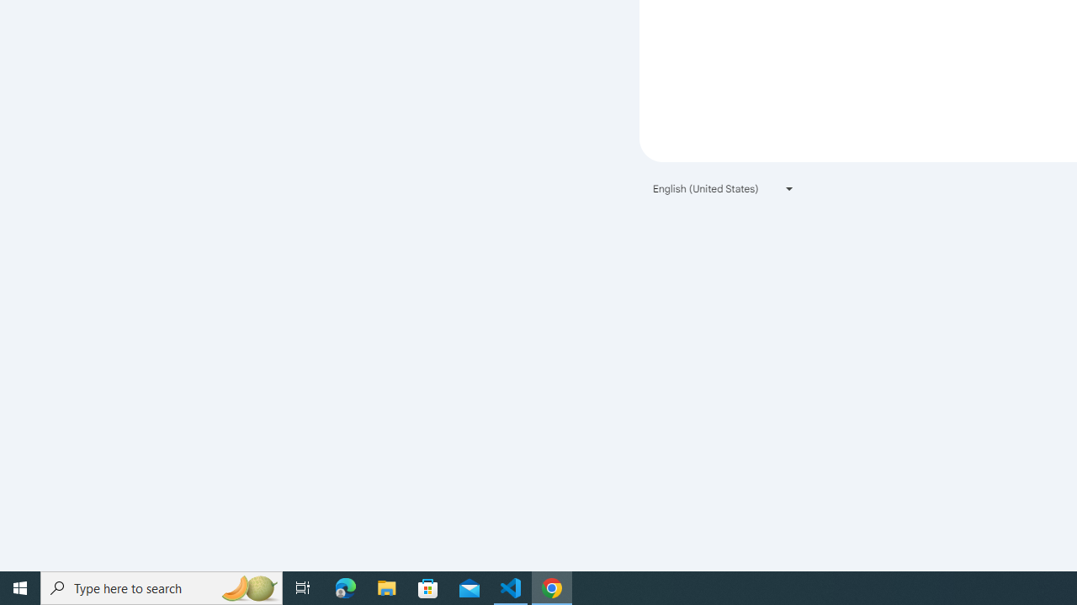 This screenshot has height=605, width=1077. Describe the element at coordinates (724, 188) in the screenshot. I see `'English (United States)'` at that location.